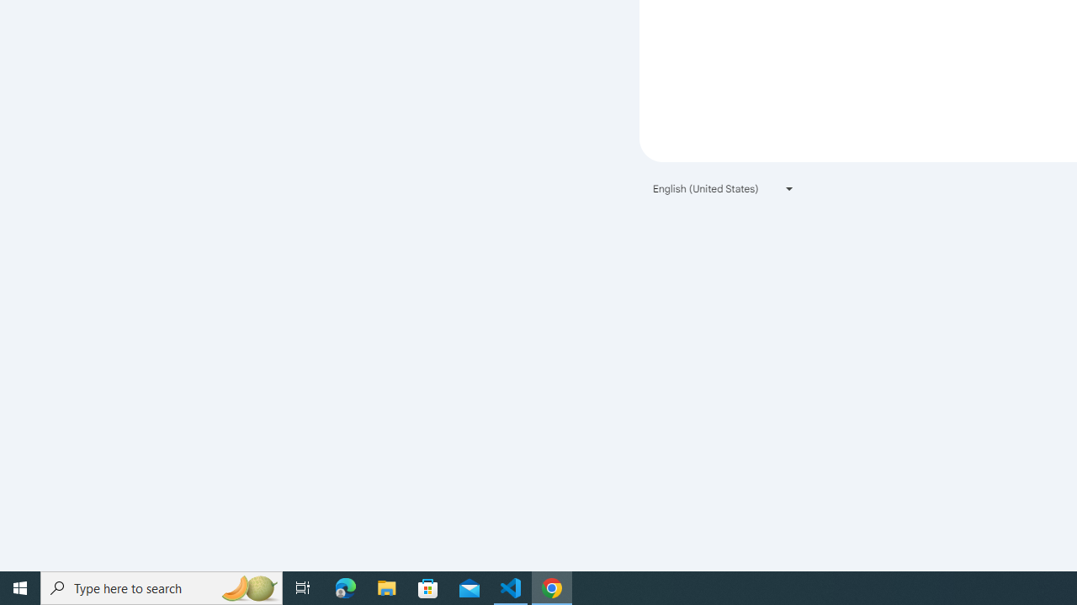 This screenshot has height=605, width=1077. Describe the element at coordinates (724, 188) in the screenshot. I see `'English (United States)'` at that location.